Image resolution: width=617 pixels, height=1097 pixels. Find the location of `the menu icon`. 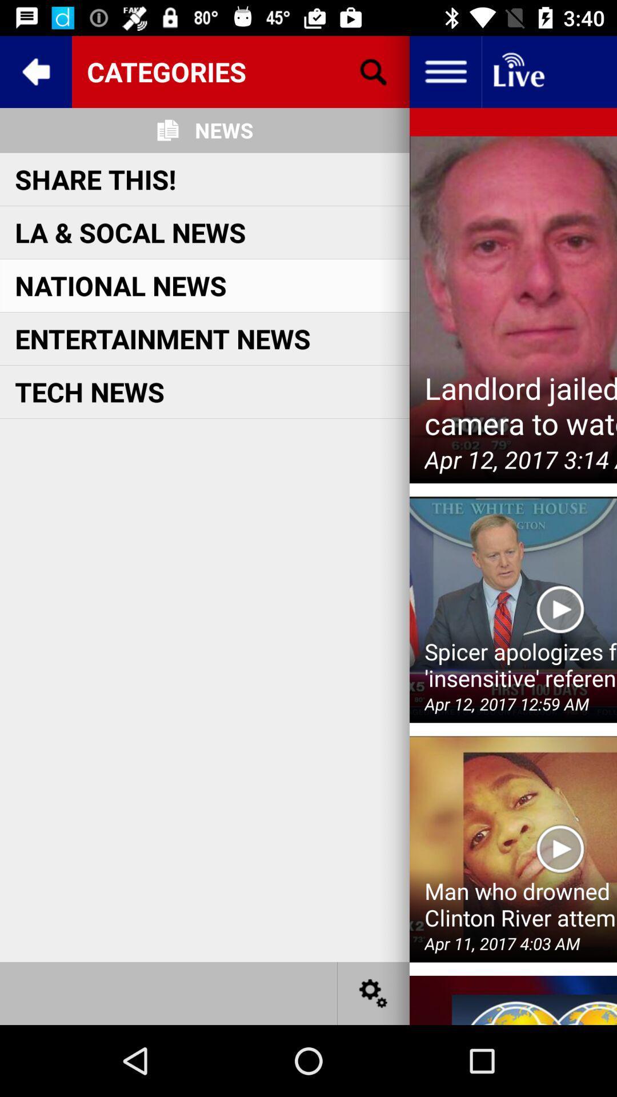

the menu icon is located at coordinates (444, 71).